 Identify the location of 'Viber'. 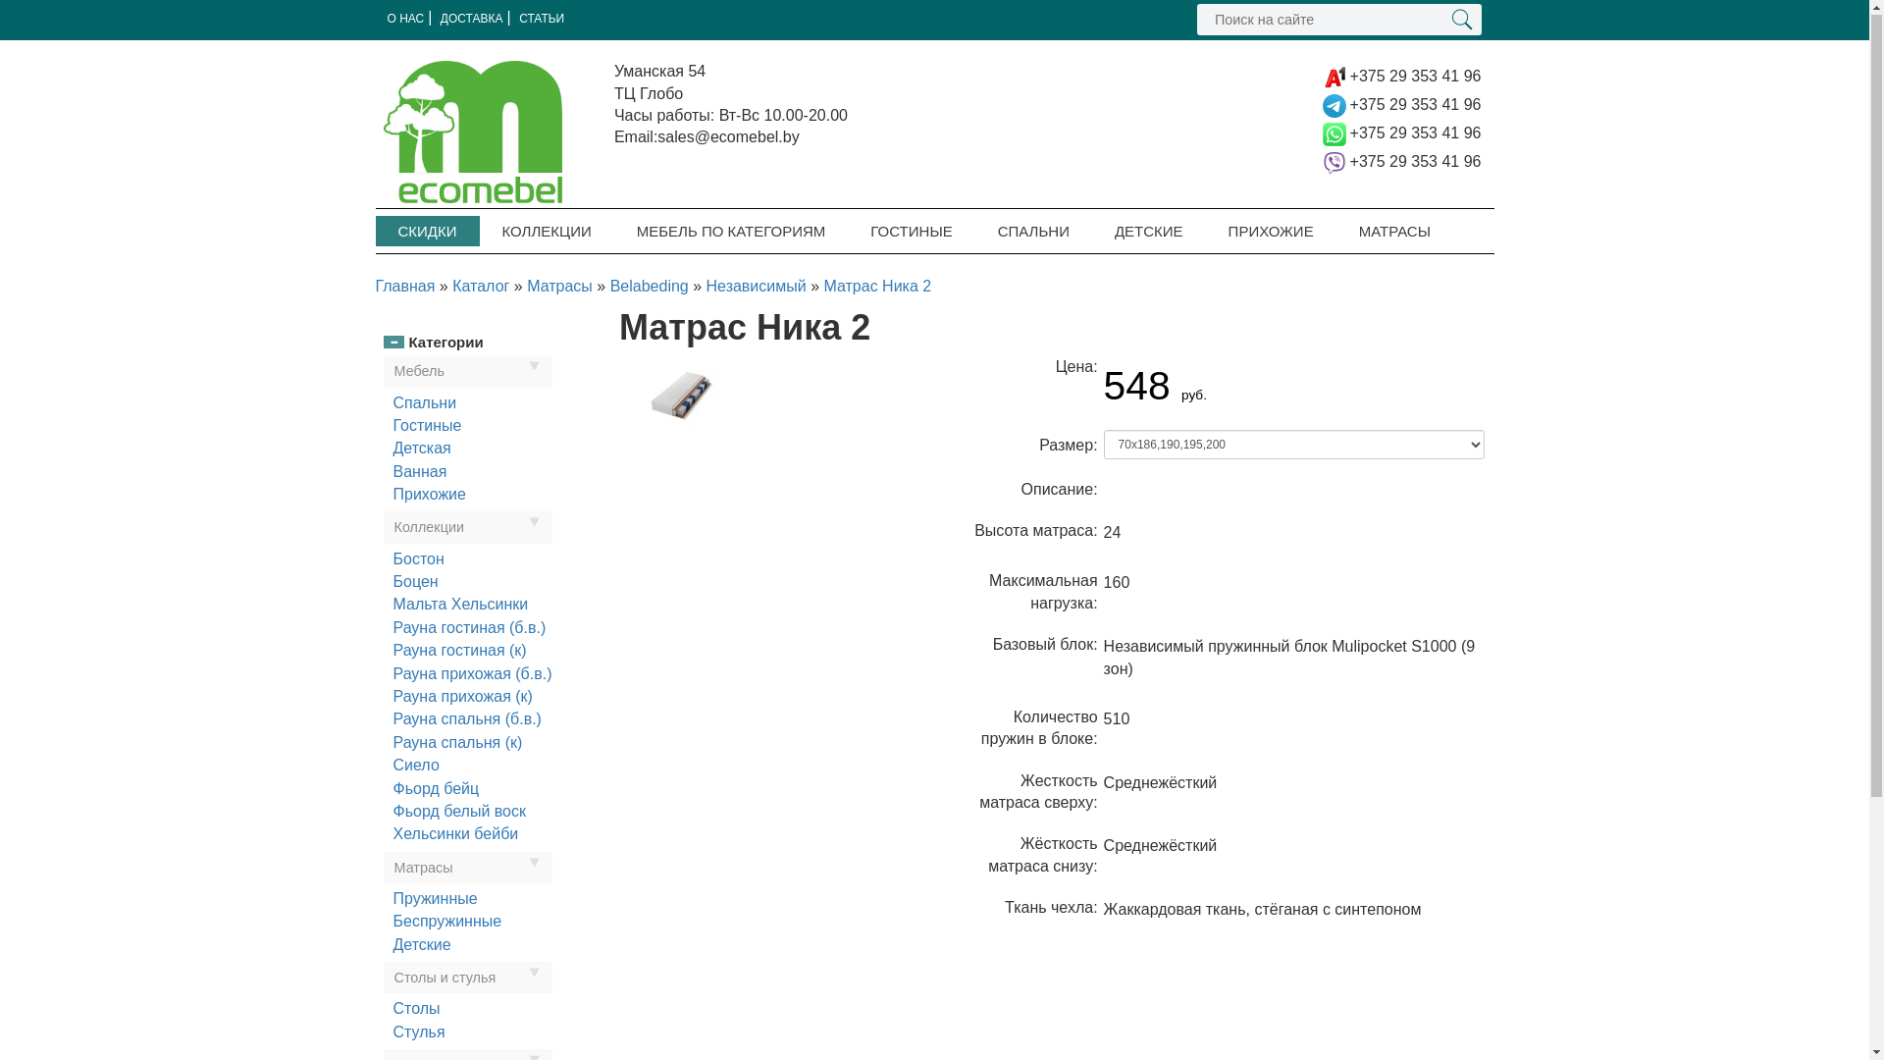
(1334, 161).